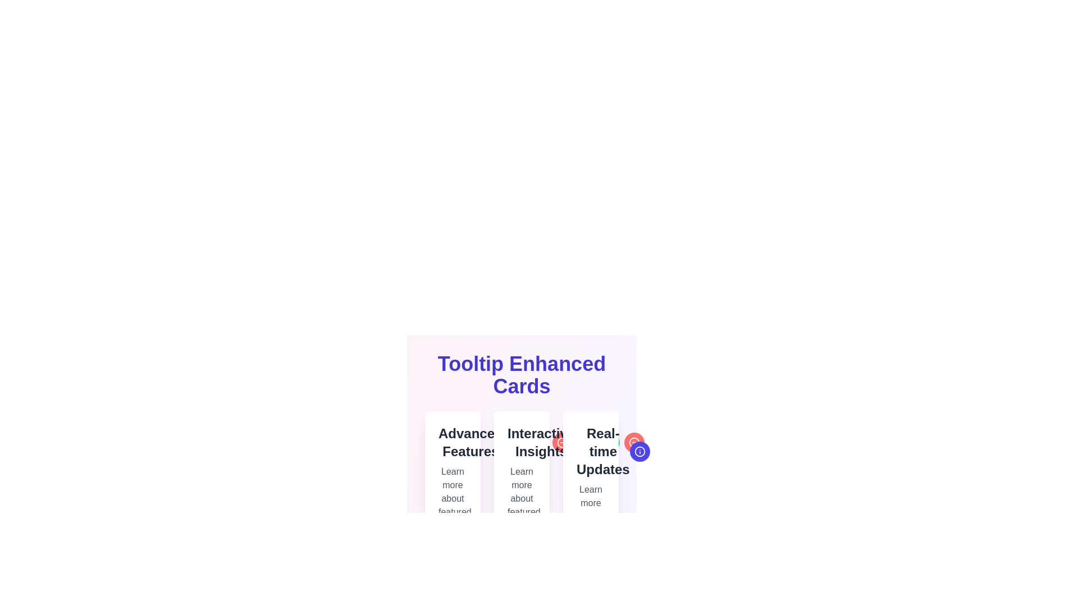 The height and width of the screenshot is (606, 1078). Describe the element at coordinates (584, 442) in the screenshot. I see `the information icon located at the top right corner of the 'Real-time Updates' card within the 'Tooltip Enhanced Cards' section` at that location.